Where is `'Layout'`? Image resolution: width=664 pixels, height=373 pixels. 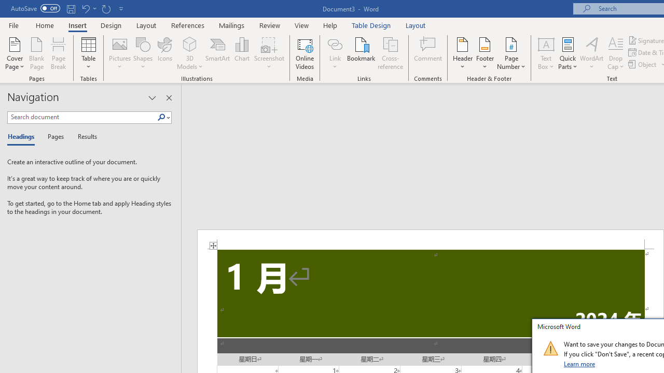
'Layout' is located at coordinates (416, 25).